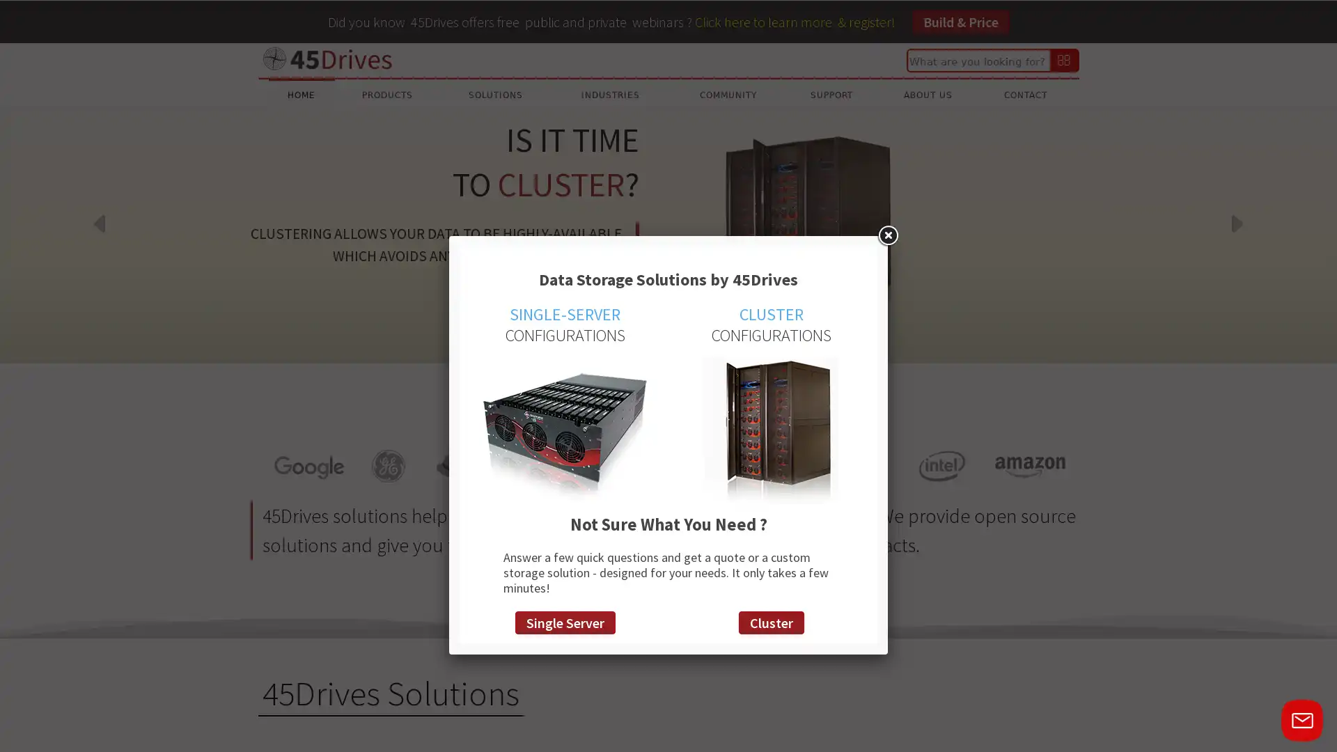  I want to click on Start configuration, so click(730, 345).